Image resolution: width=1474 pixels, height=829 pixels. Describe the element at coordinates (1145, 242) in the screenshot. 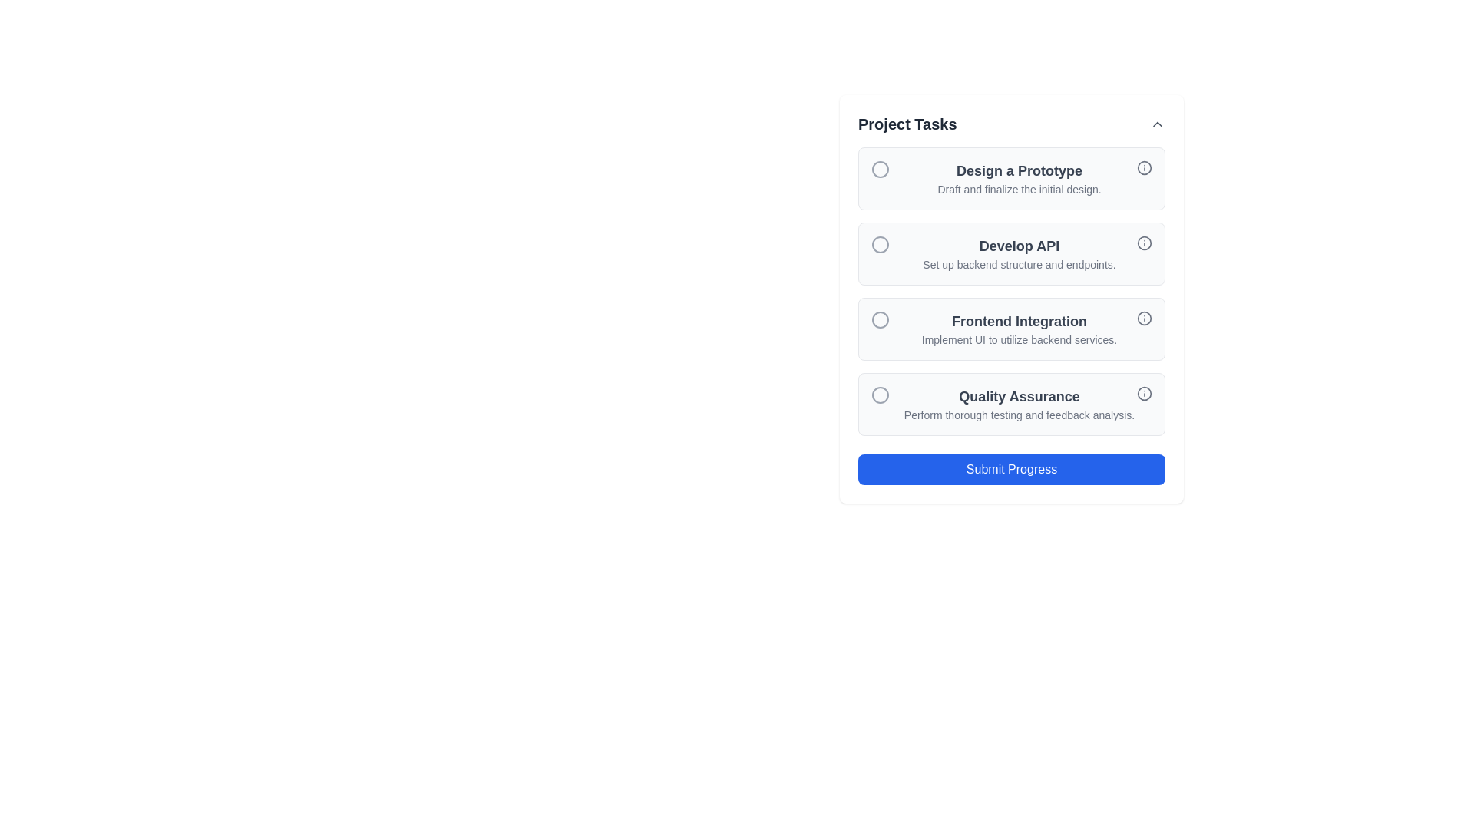

I see `the Info Symbol icon located in the 'Develop API' section` at that location.